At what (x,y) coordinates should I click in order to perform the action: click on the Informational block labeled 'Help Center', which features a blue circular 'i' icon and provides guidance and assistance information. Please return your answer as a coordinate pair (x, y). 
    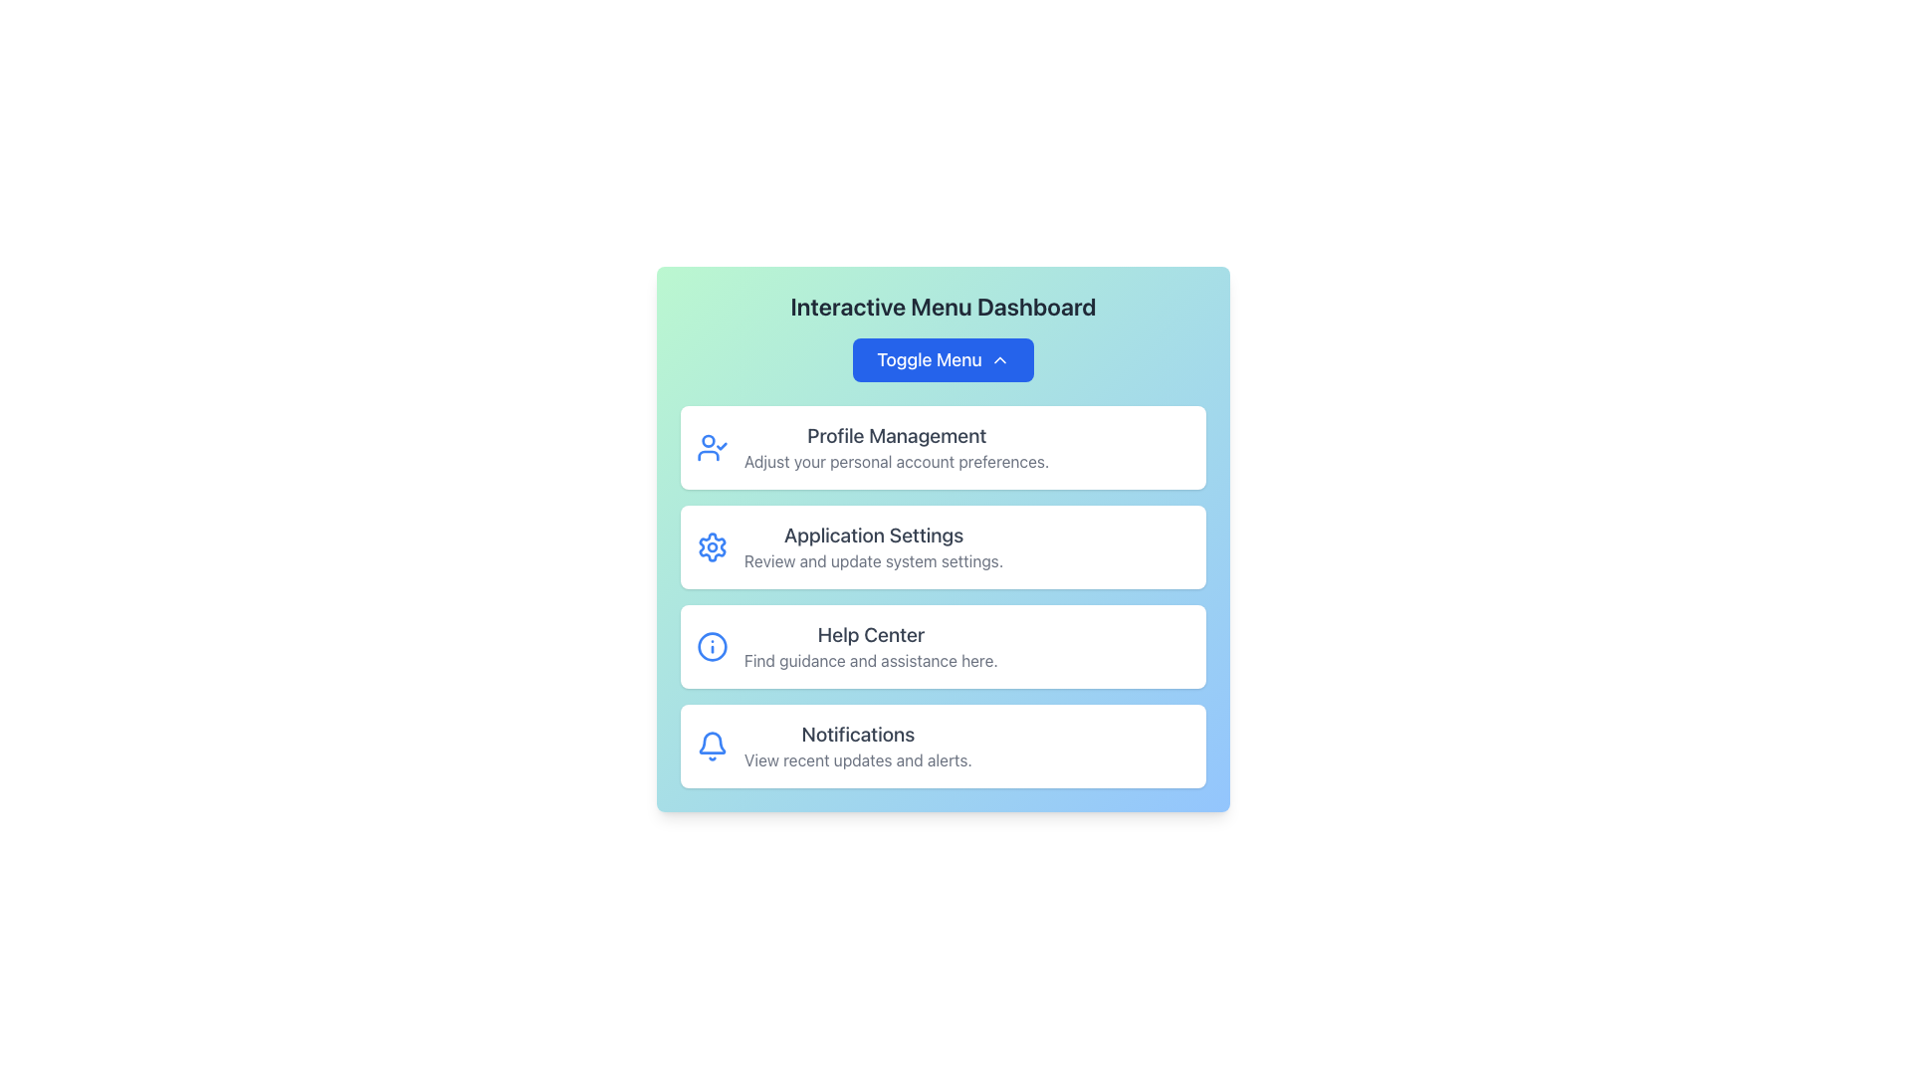
    Looking at the image, I should click on (943, 647).